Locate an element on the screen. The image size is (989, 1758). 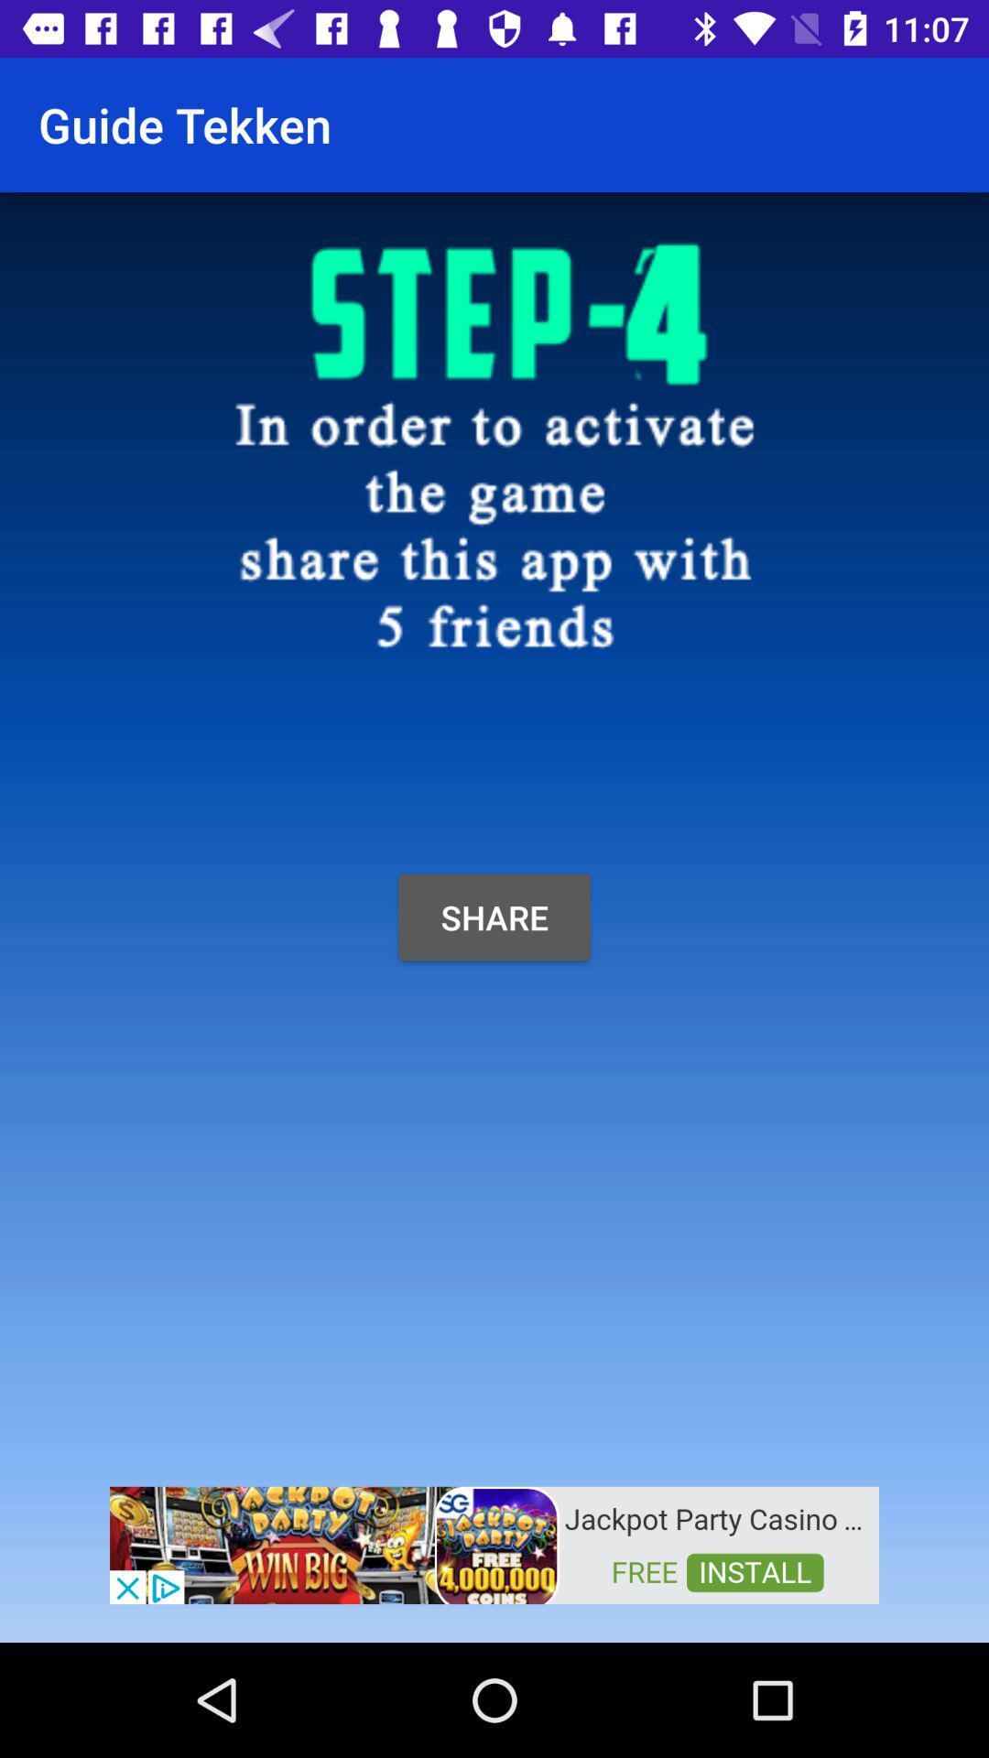
advertisement button is located at coordinates (494, 1543).